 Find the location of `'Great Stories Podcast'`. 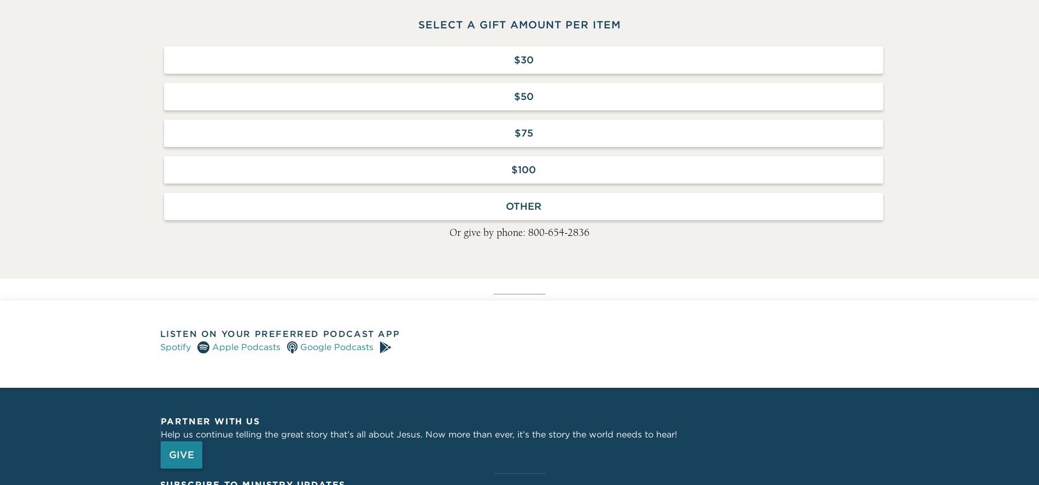

'Great Stories Podcast' is located at coordinates (230, 8).